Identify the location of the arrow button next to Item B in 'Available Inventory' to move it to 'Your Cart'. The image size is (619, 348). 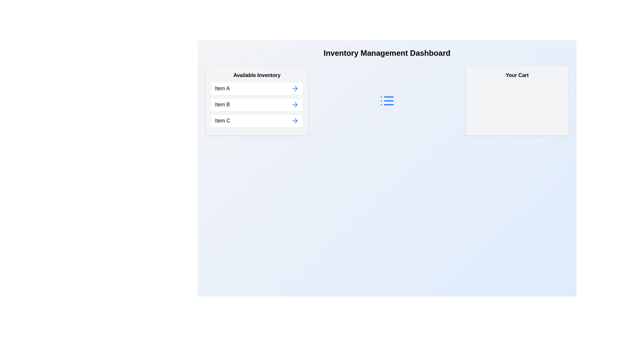
(295, 104).